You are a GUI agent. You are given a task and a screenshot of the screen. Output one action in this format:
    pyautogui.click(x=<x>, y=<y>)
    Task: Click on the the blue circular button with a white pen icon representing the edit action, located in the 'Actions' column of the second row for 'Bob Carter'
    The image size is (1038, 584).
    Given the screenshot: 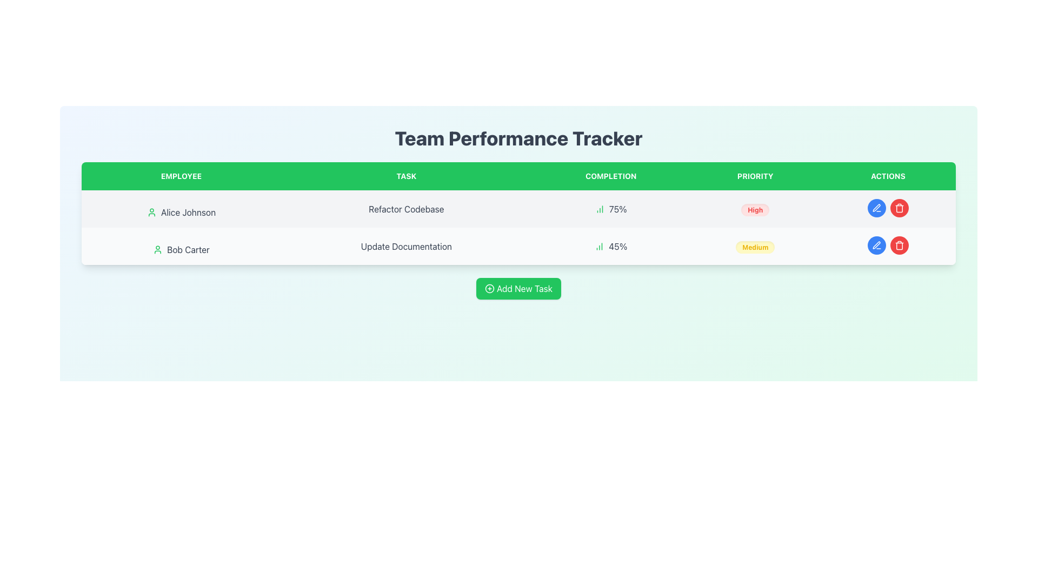 What is the action you would take?
    pyautogui.click(x=876, y=208)
    